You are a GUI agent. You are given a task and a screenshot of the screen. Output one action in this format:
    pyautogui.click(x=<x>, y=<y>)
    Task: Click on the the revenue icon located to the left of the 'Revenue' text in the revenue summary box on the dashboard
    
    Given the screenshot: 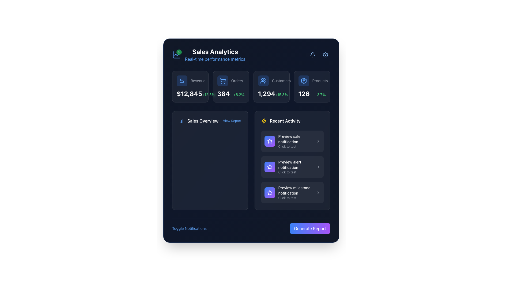 What is the action you would take?
    pyautogui.click(x=182, y=81)
    